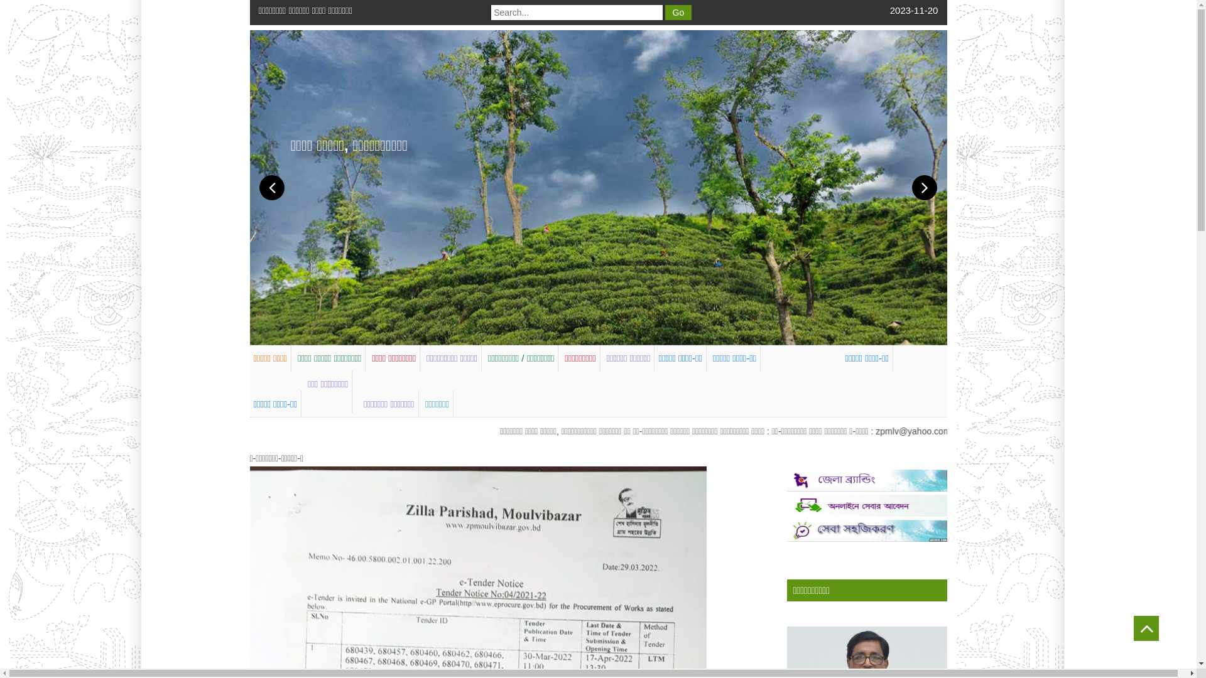 This screenshot has height=678, width=1206. I want to click on 'Go', so click(678, 12).